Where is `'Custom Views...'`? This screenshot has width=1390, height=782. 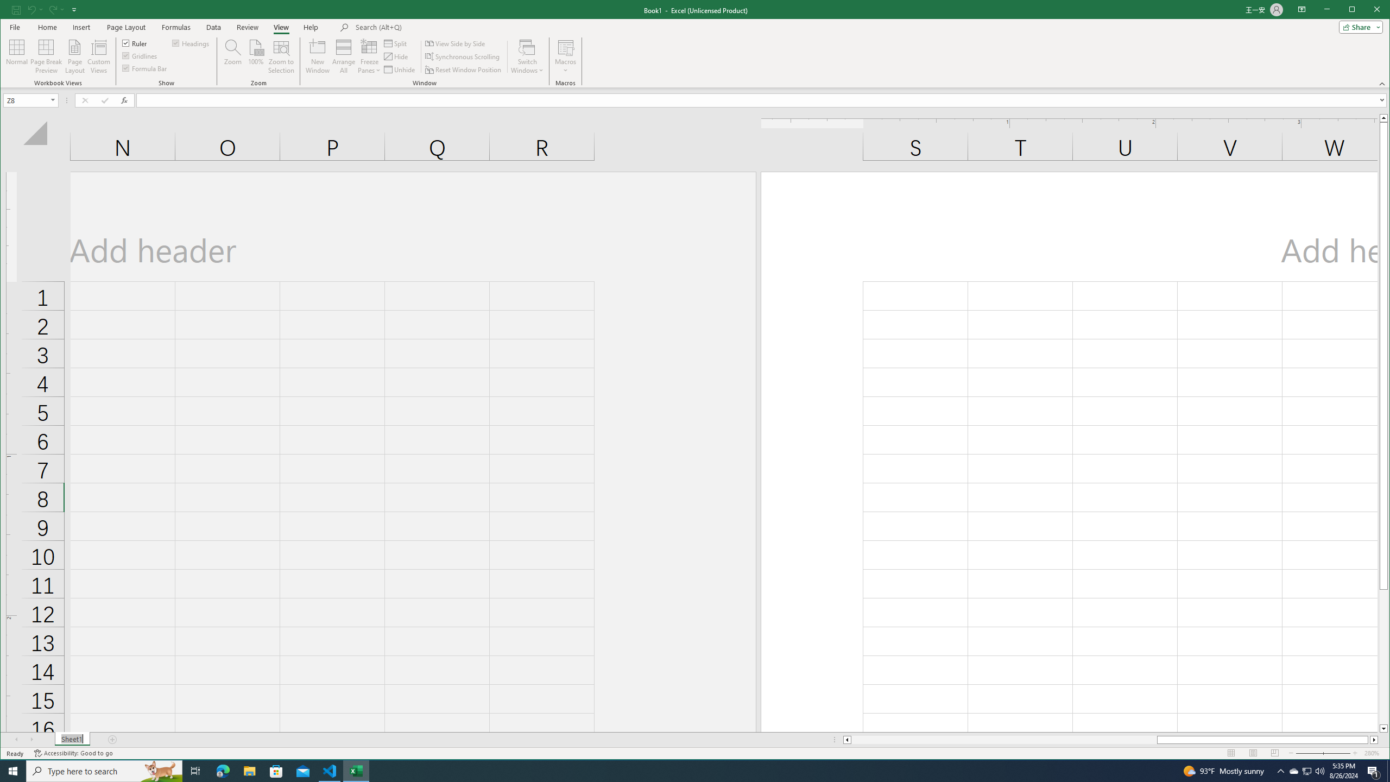 'Custom Views...' is located at coordinates (98, 56).